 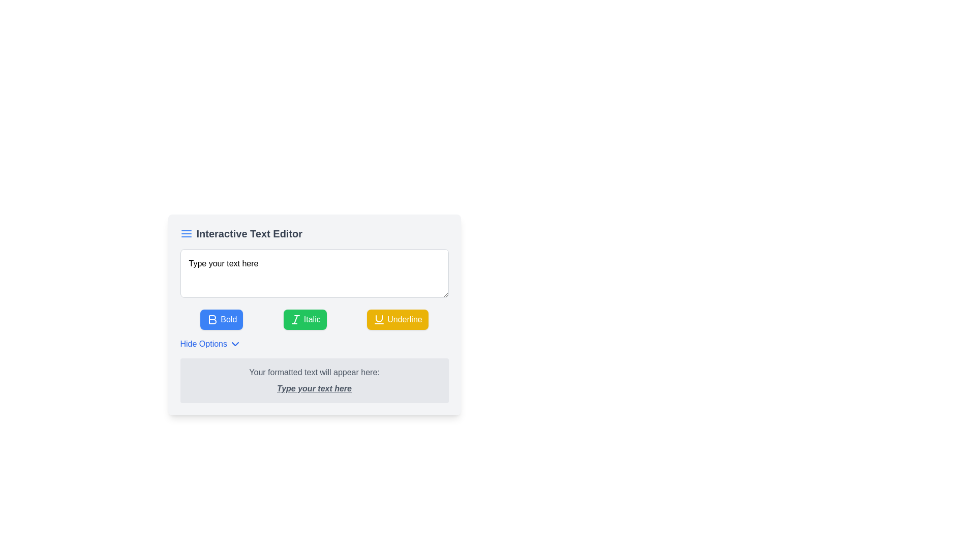 I want to click on the italic formatting button, which is centrally located between the 'Bold' button and the 'Underline' button in the text editor's styling options, so click(x=314, y=314).